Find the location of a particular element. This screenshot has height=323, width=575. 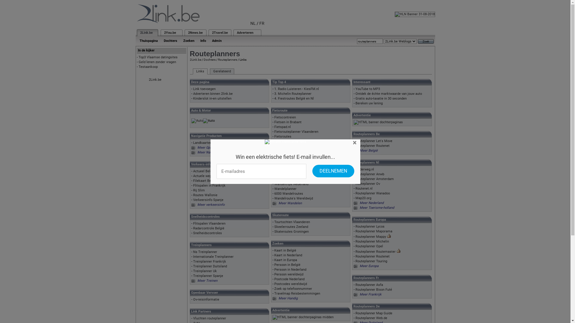

'Gratis auto-taxatie in 30 seconden' is located at coordinates (381, 98).